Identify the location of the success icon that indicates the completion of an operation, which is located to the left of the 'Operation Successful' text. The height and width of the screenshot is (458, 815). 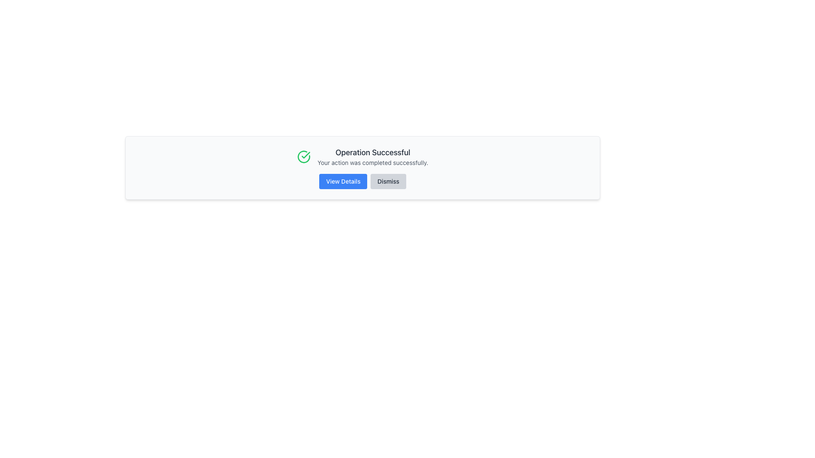
(304, 157).